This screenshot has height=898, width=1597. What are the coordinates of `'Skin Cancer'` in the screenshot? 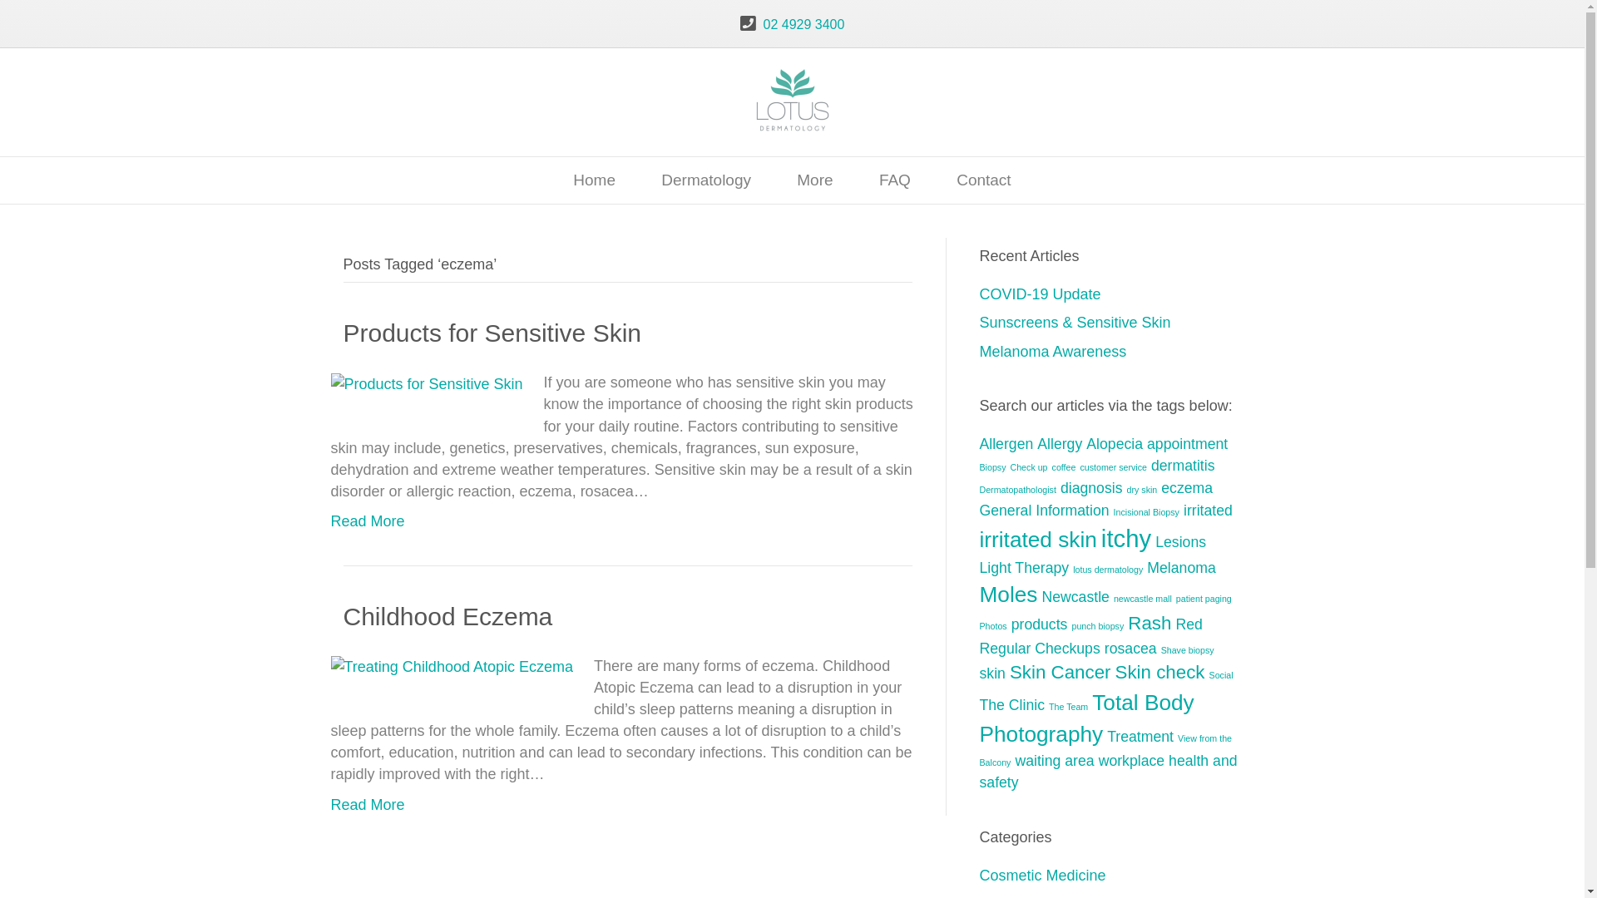 It's located at (1060, 671).